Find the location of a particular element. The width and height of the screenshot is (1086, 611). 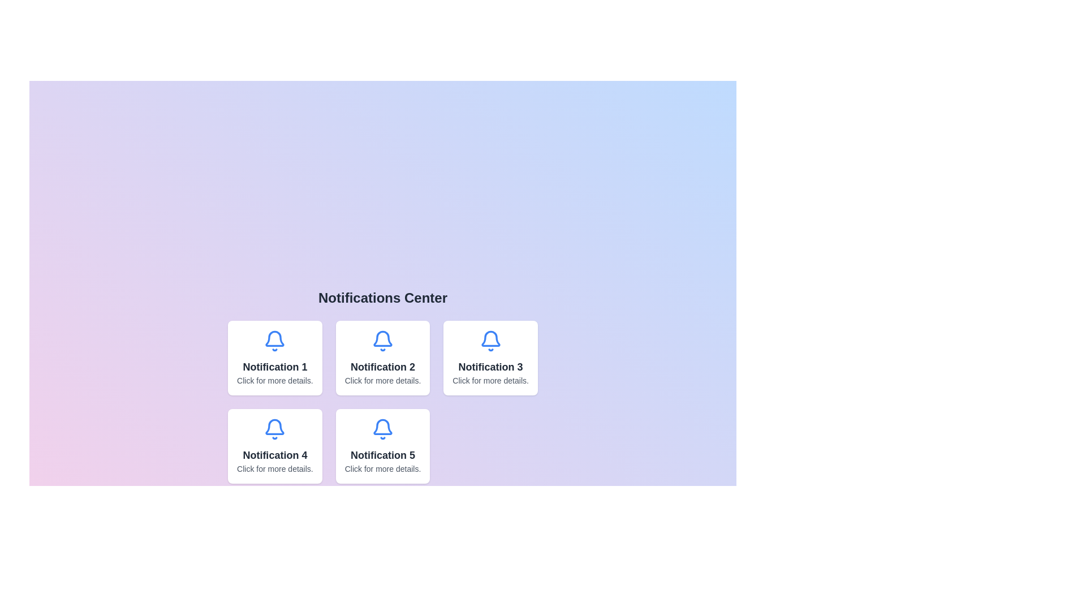

the blue bell-shaped outline icon located at the top of the 'Notification 1' card in the Notifications Center is located at coordinates (275, 338).